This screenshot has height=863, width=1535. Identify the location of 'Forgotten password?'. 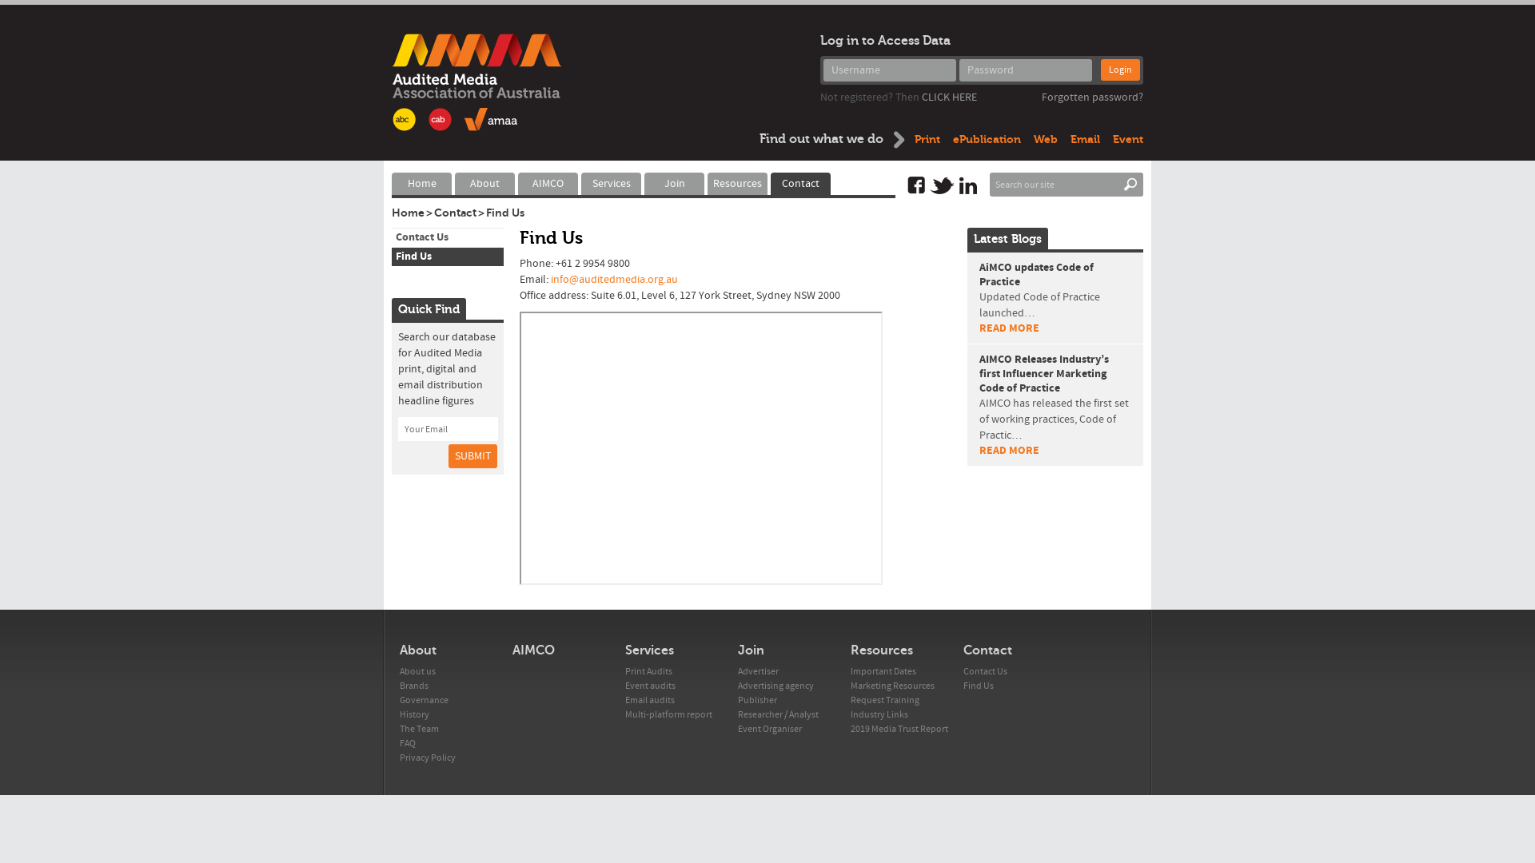
(1041, 97).